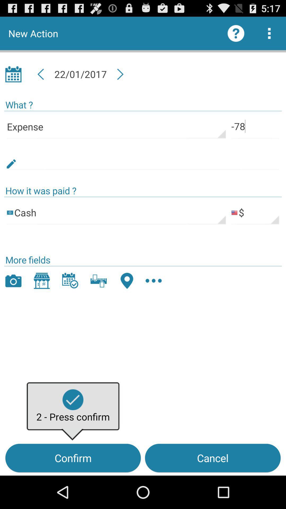 This screenshot has width=286, height=509. Describe the element at coordinates (143, 157) in the screenshot. I see `write text` at that location.